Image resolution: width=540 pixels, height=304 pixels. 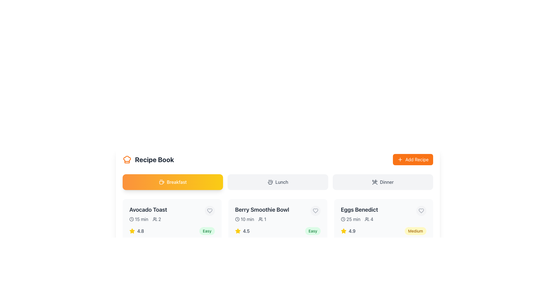 What do you see at coordinates (207, 231) in the screenshot?
I see `the difficulty level label located in the bottom-right corner of the 'Avocado Toast' recipe card` at bounding box center [207, 231].